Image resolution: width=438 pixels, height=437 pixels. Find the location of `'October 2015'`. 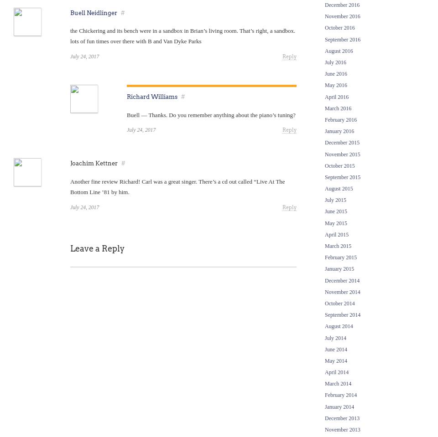

'October 2015' is located at coordinates (339, 165).